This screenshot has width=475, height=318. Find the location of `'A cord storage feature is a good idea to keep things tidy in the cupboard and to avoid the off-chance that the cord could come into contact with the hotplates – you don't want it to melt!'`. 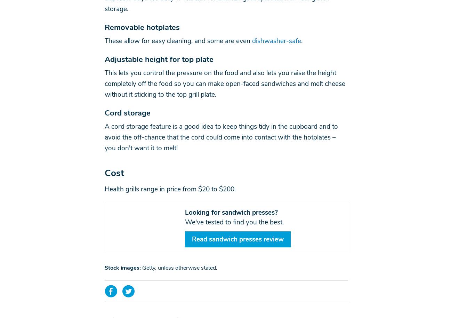

'A cord storage feature is a good idea to keep things tidy in the cupboard and to avoid the off-chance that the cord could come into contact with the hotplates – you don't want it to melt!' is located at coordinates (220, 137).